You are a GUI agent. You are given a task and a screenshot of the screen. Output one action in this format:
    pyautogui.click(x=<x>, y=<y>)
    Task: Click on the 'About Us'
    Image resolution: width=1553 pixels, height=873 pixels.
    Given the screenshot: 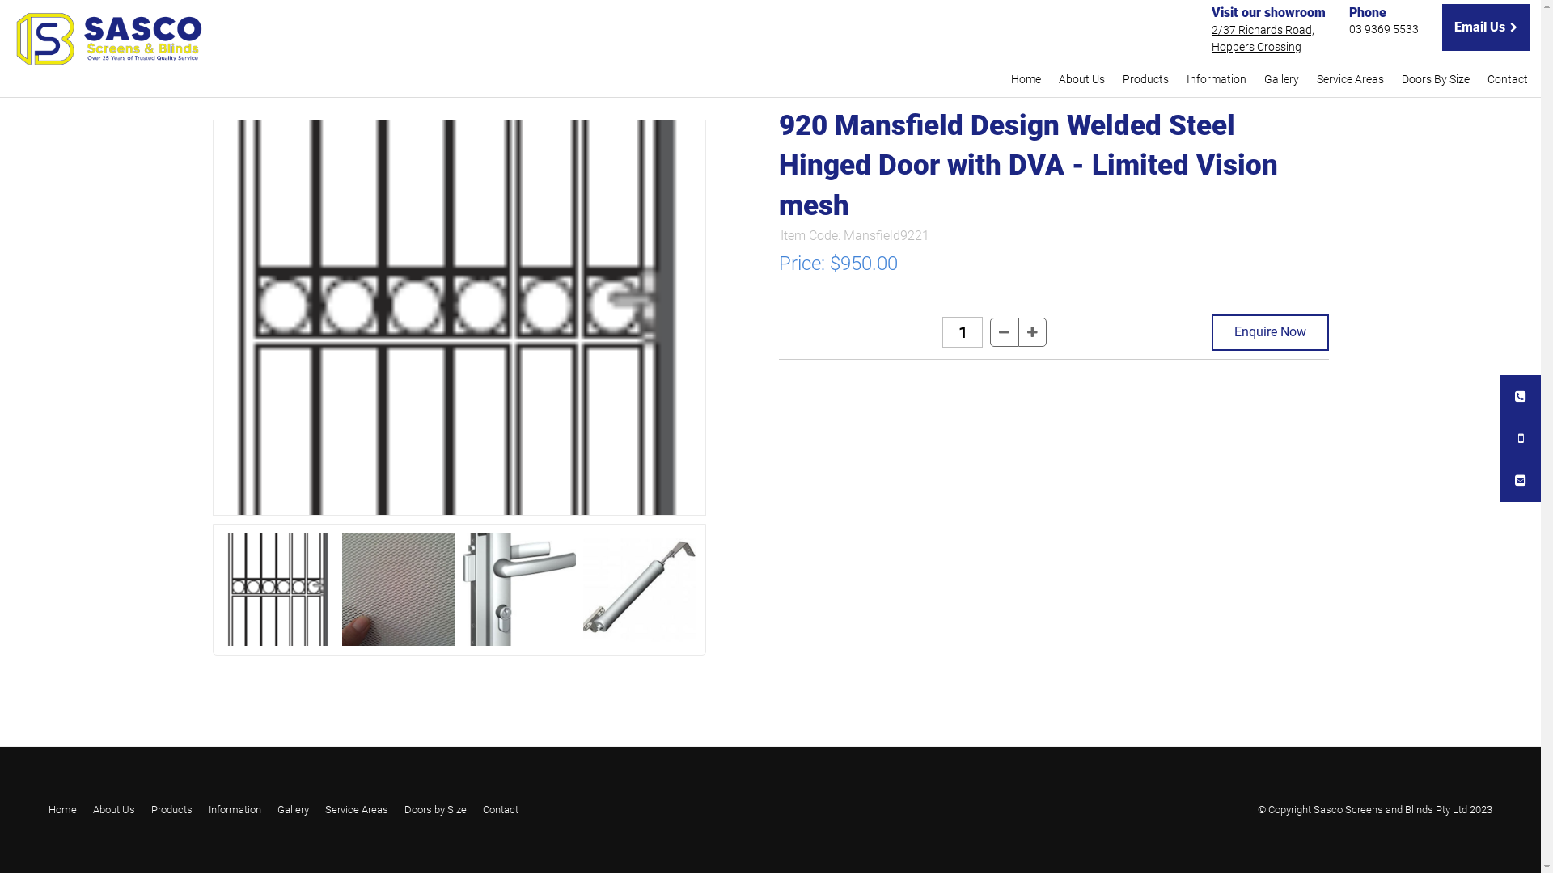 What is the action you would take?
    pyautogui.click(x=112, y=810)
    